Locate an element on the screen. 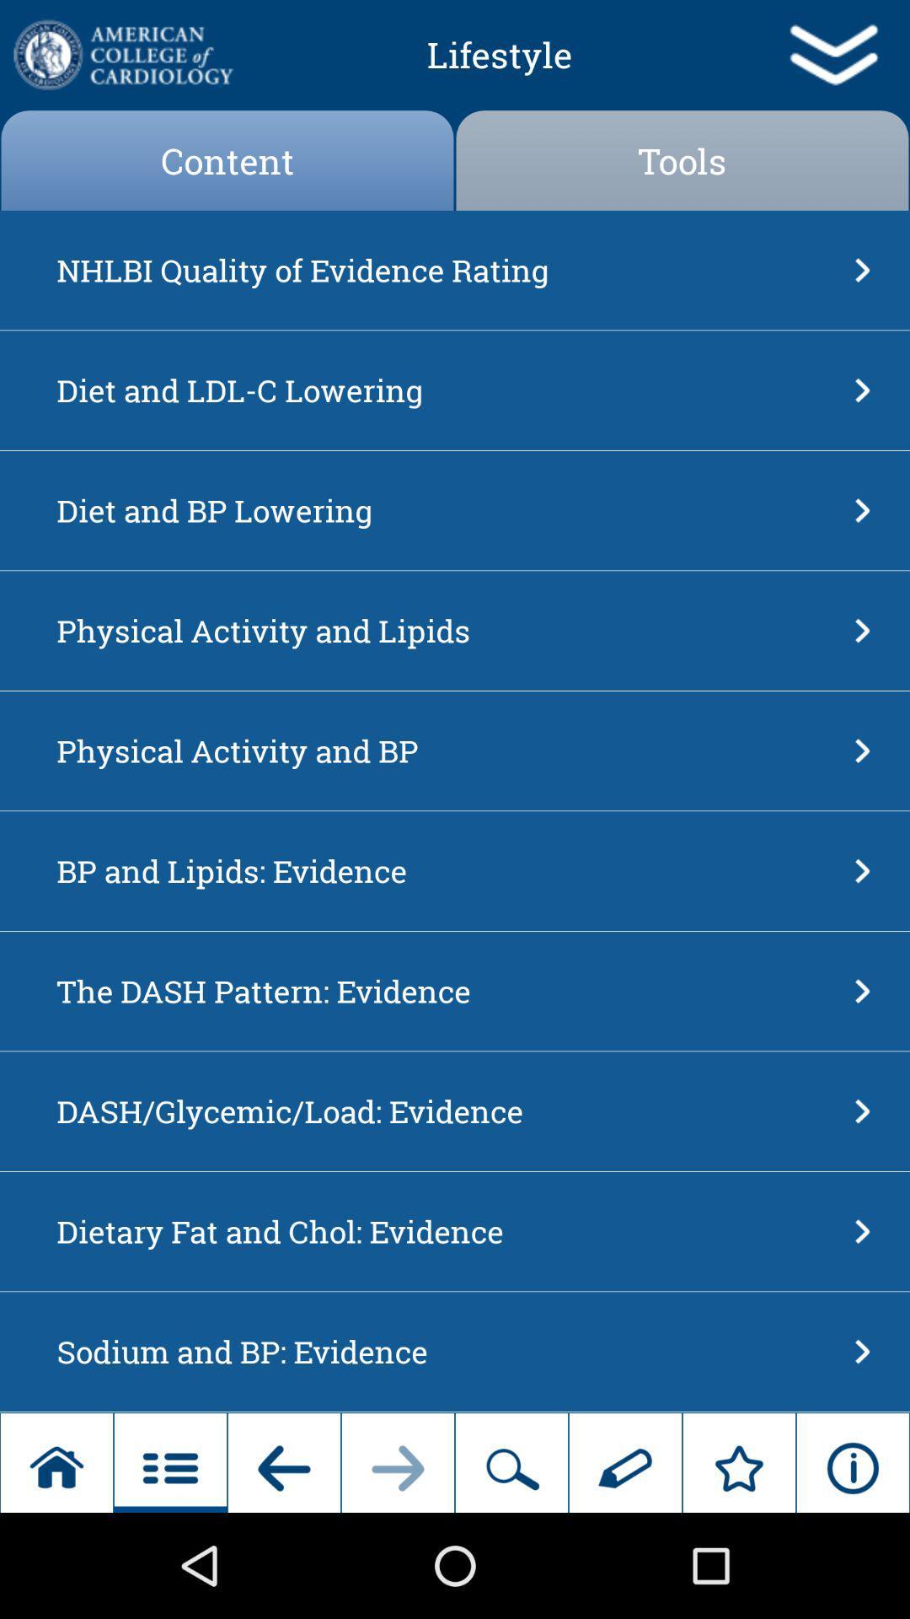 This screenshot has height=1619, width=910. the app below the dash pattern item is located at coordinates (449, 1111).